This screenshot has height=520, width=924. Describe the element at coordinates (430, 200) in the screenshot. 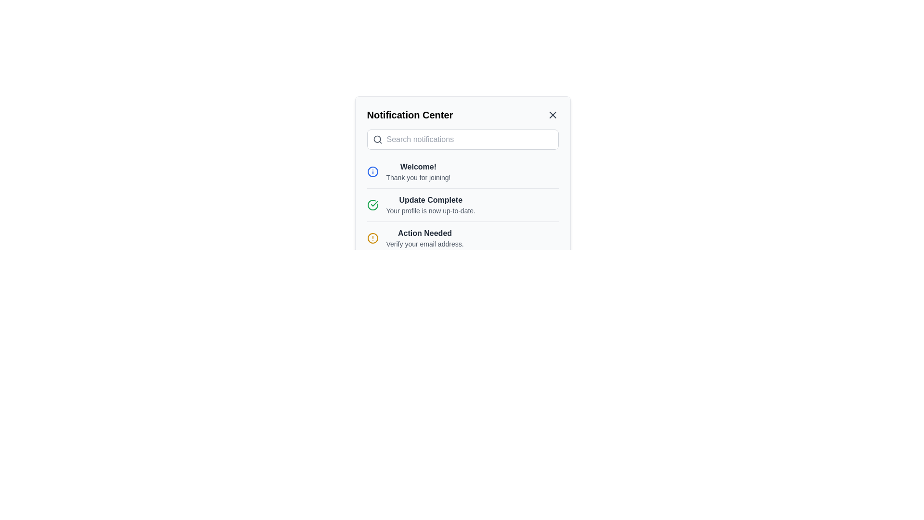

I see `the static text label that displays 'Update Complete', which is styled with a bold, semibold font and dark gray color, located within the notification card section as the first line of text in the 'Update Complete' notification entry` at that location.